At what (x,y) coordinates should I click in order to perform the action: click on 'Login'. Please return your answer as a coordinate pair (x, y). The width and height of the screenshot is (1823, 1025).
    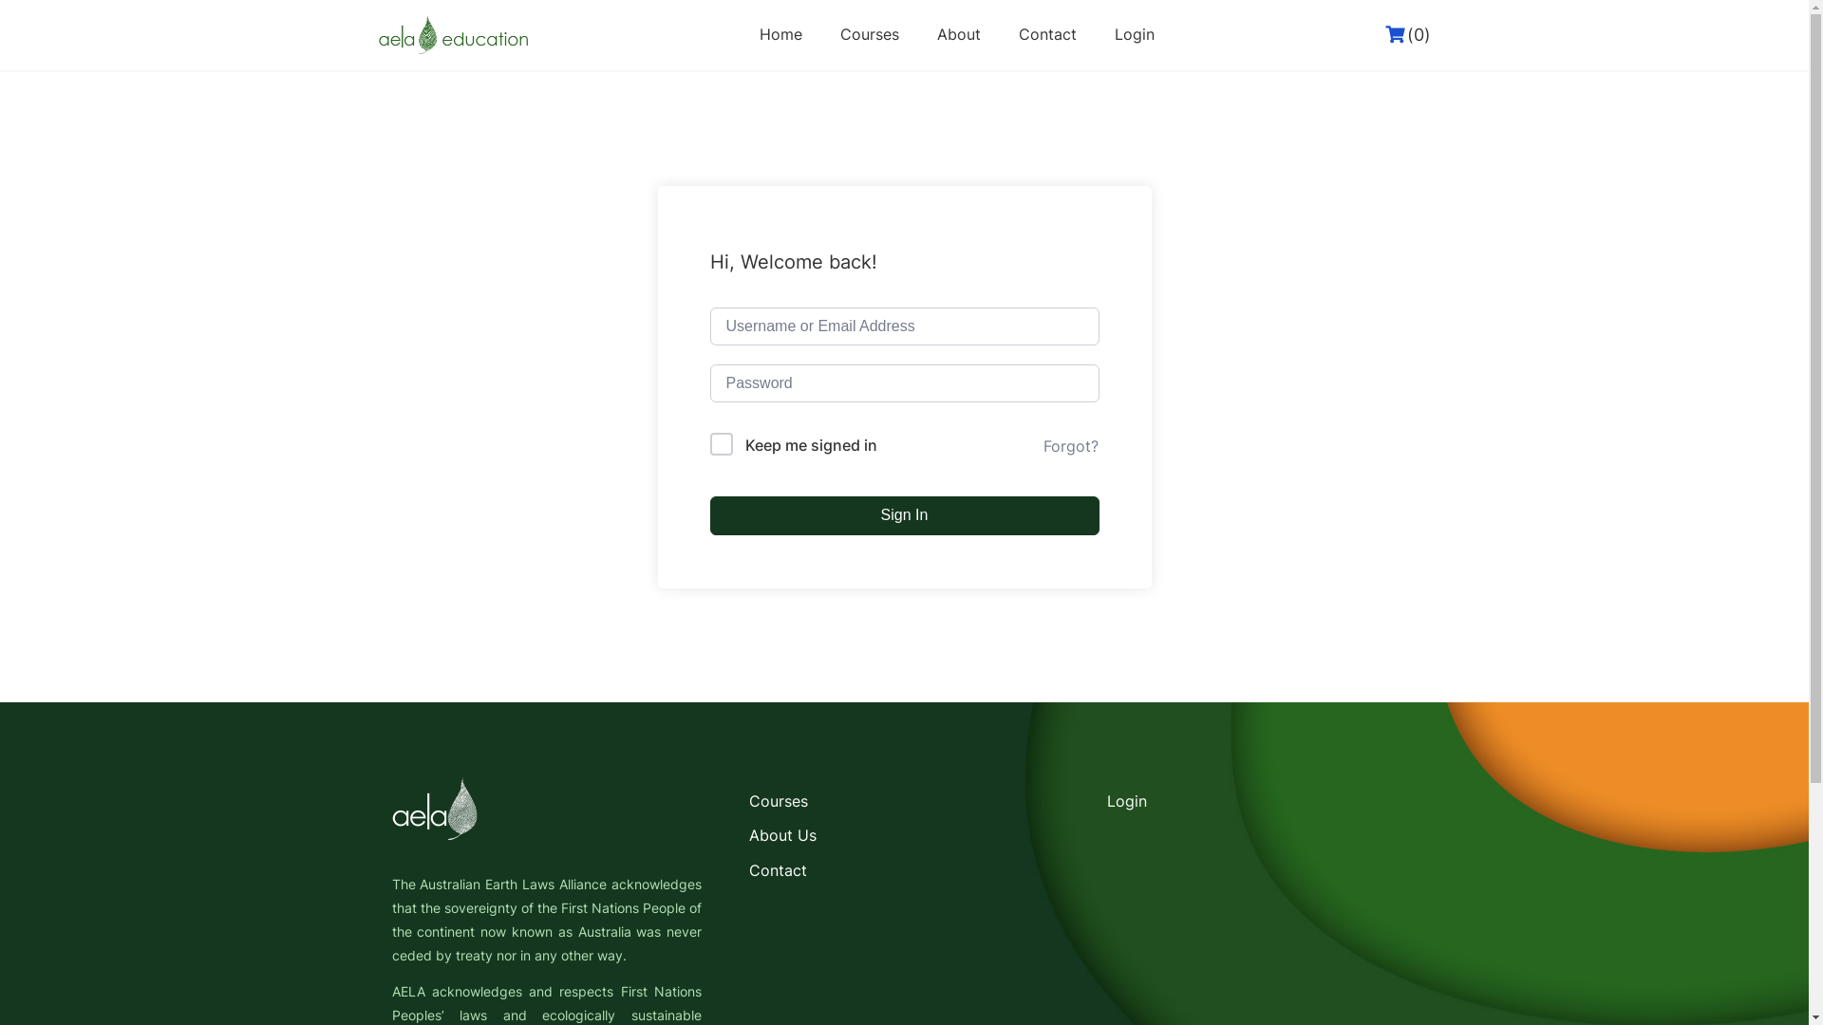
    Looking at the image, I should click on (1135, 34).